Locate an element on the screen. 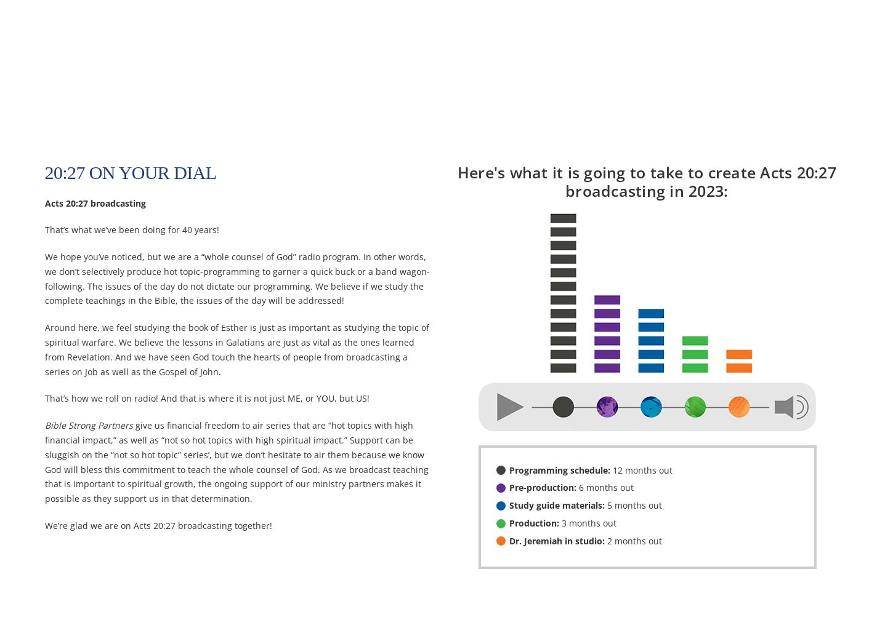 The image size is (893, 644). 'Production:' is located at coordinates (533, 522).